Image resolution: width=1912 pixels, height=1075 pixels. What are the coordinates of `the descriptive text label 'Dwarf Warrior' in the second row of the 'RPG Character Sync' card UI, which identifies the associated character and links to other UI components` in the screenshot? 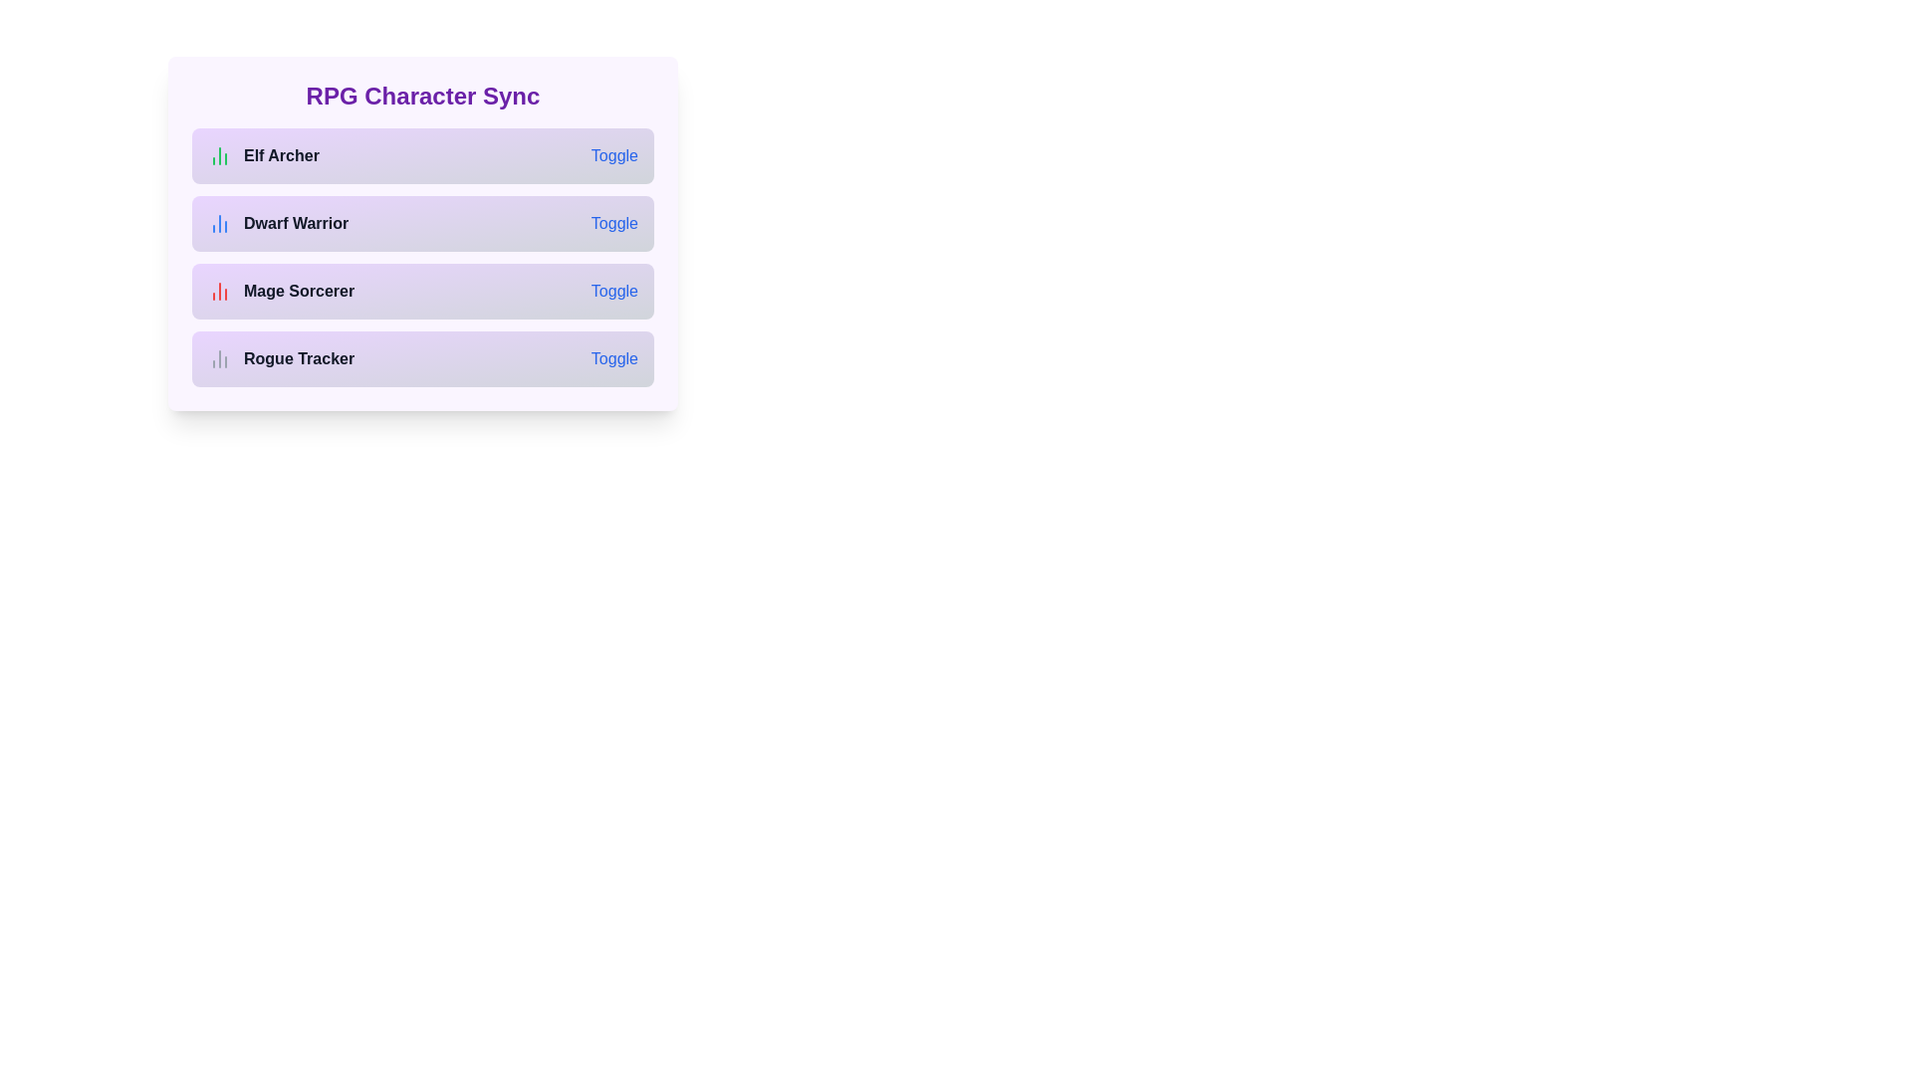 It's located at (295, 223).